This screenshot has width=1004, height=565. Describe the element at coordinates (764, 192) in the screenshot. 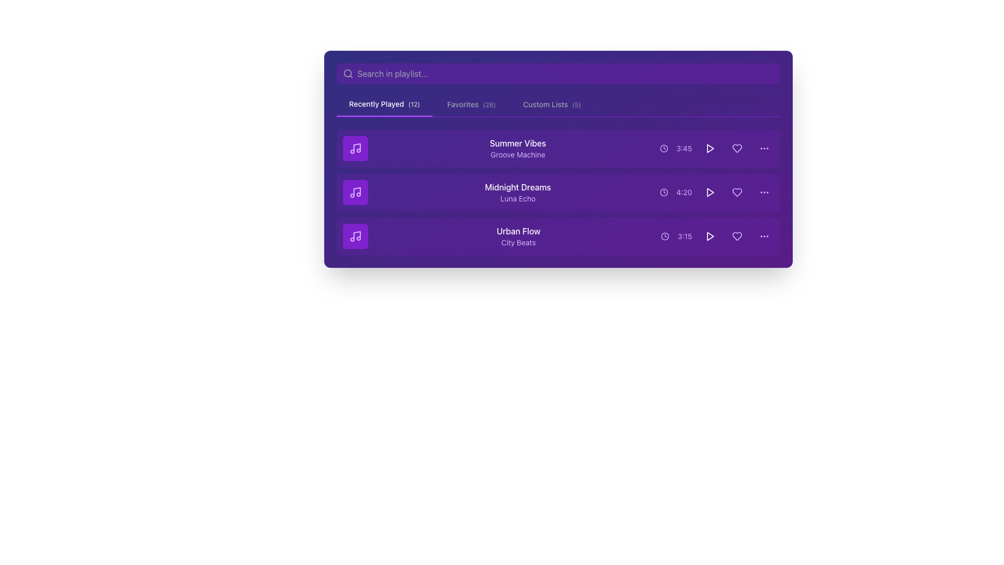

I see `the button` at that location.